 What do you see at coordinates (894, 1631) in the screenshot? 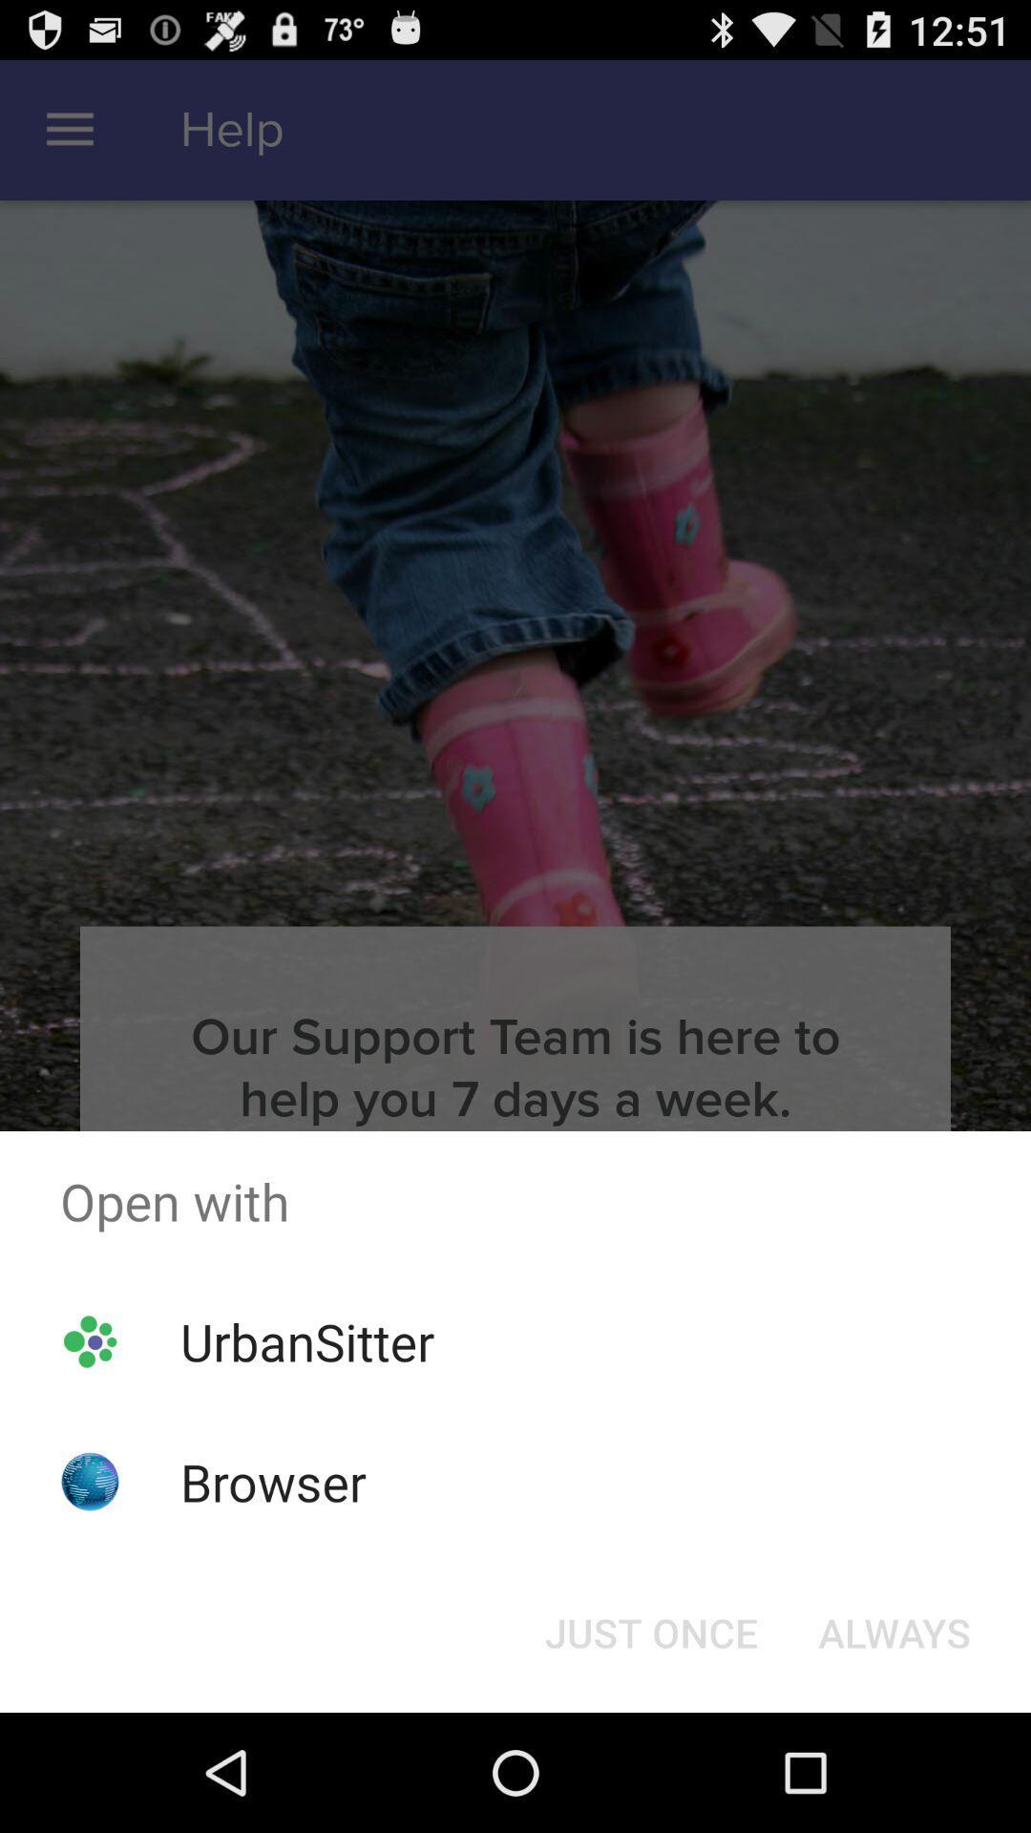
I see `button at the bottom right corner` at bounding box center [894, 1631].